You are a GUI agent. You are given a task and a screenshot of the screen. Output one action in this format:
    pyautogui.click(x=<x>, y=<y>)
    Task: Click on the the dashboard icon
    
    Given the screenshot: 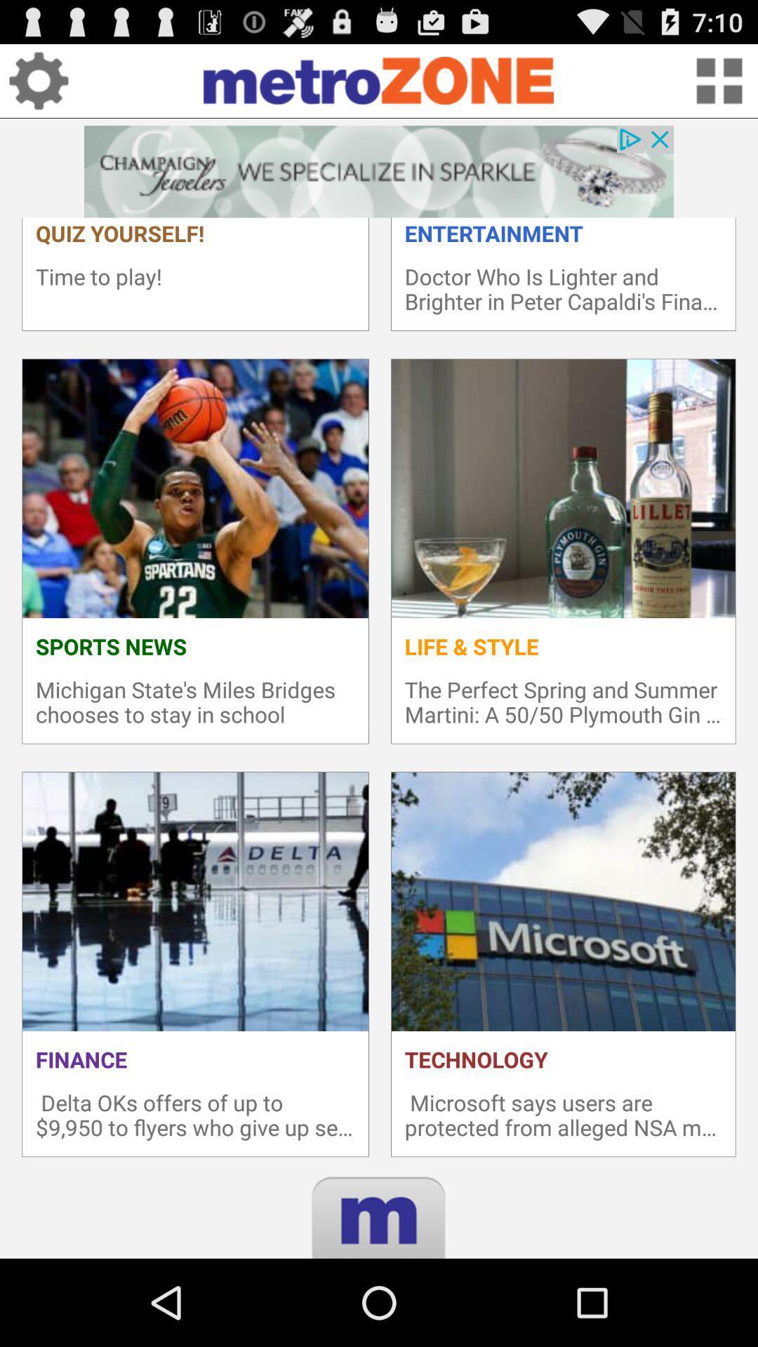 What is the action you would take?
    pyautogui.click(x=719, y=86)
    